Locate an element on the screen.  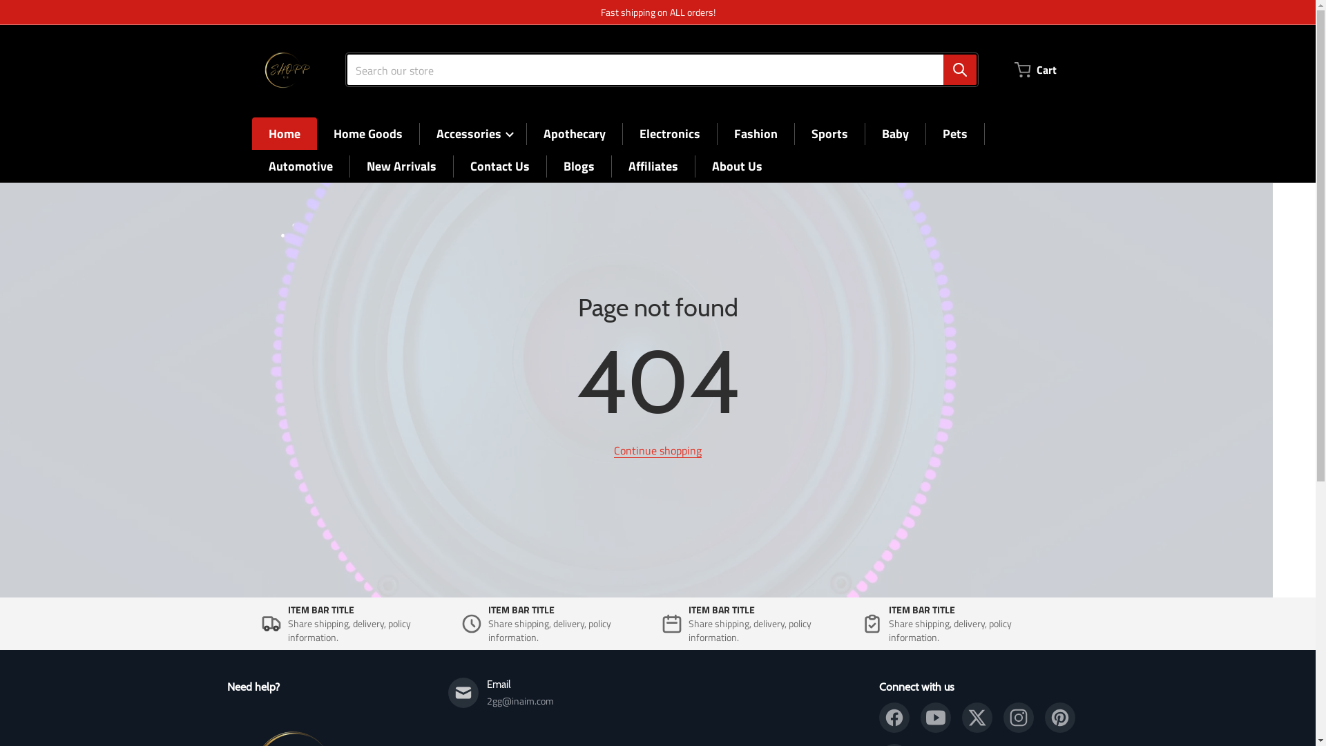
'New Arrivals' is located at coordinates (400, 165).